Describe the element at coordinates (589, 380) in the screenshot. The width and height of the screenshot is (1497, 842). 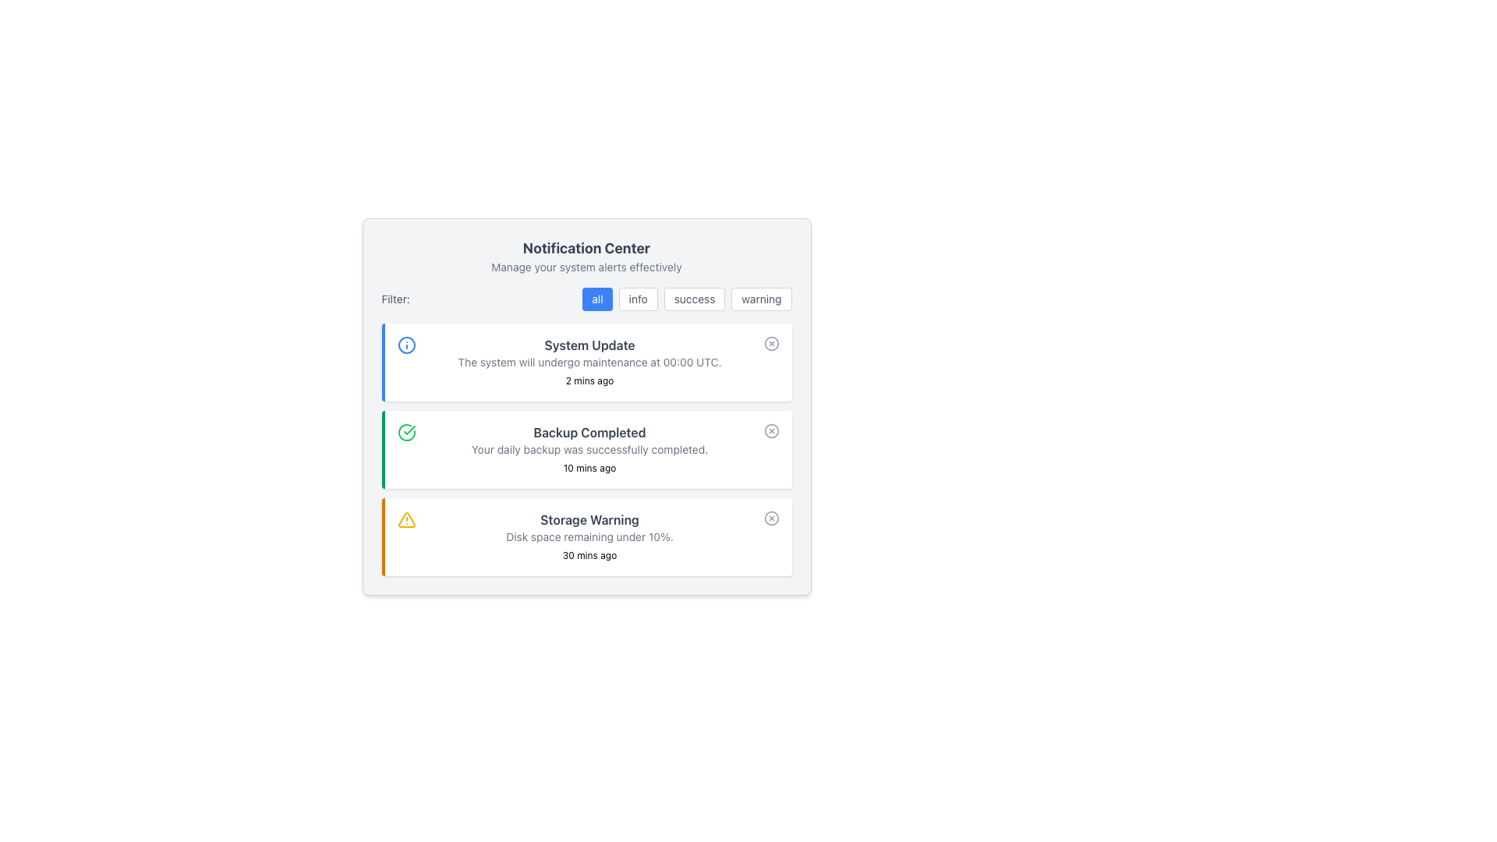
I see `the text label that indicates the relative time information for the notification, located beneath the descriptive text 'The system will undergo maintenance at 00:00 UTC.' on the right side of the notification card titled 'System Update'` at that location.